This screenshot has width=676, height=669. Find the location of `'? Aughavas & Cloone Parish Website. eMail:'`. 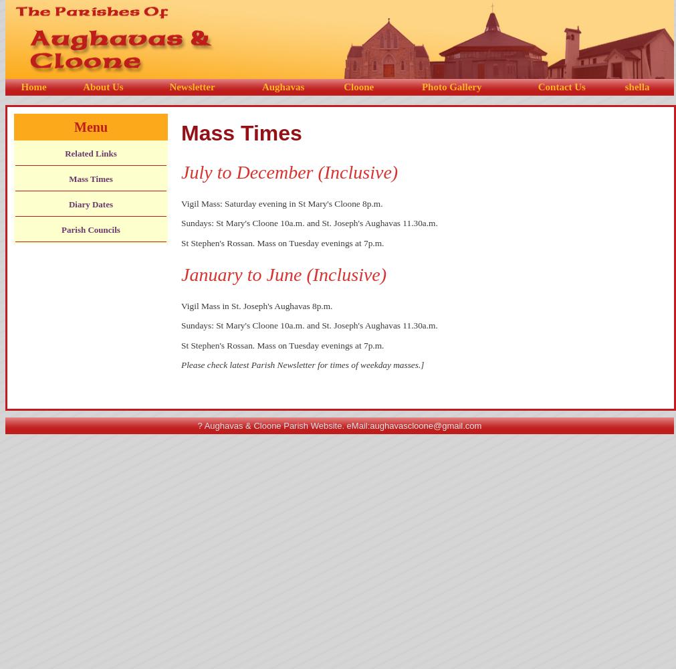

'? Aughavas & Cloone Parish Website. eMail:' is located at coordinates (283, 425).